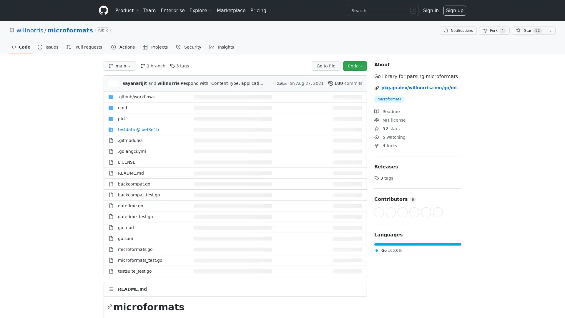  Describe the element at coordinates (550, 31) in the screenshot. I see `You must be signed in to add this repository to a list` at that location.